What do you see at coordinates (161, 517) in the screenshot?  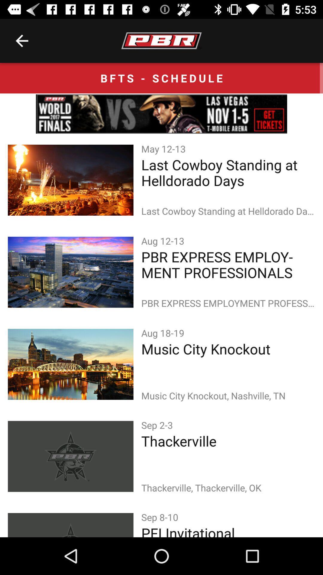 I see `sep 8-10 icon` at bounding box center [161, 517].